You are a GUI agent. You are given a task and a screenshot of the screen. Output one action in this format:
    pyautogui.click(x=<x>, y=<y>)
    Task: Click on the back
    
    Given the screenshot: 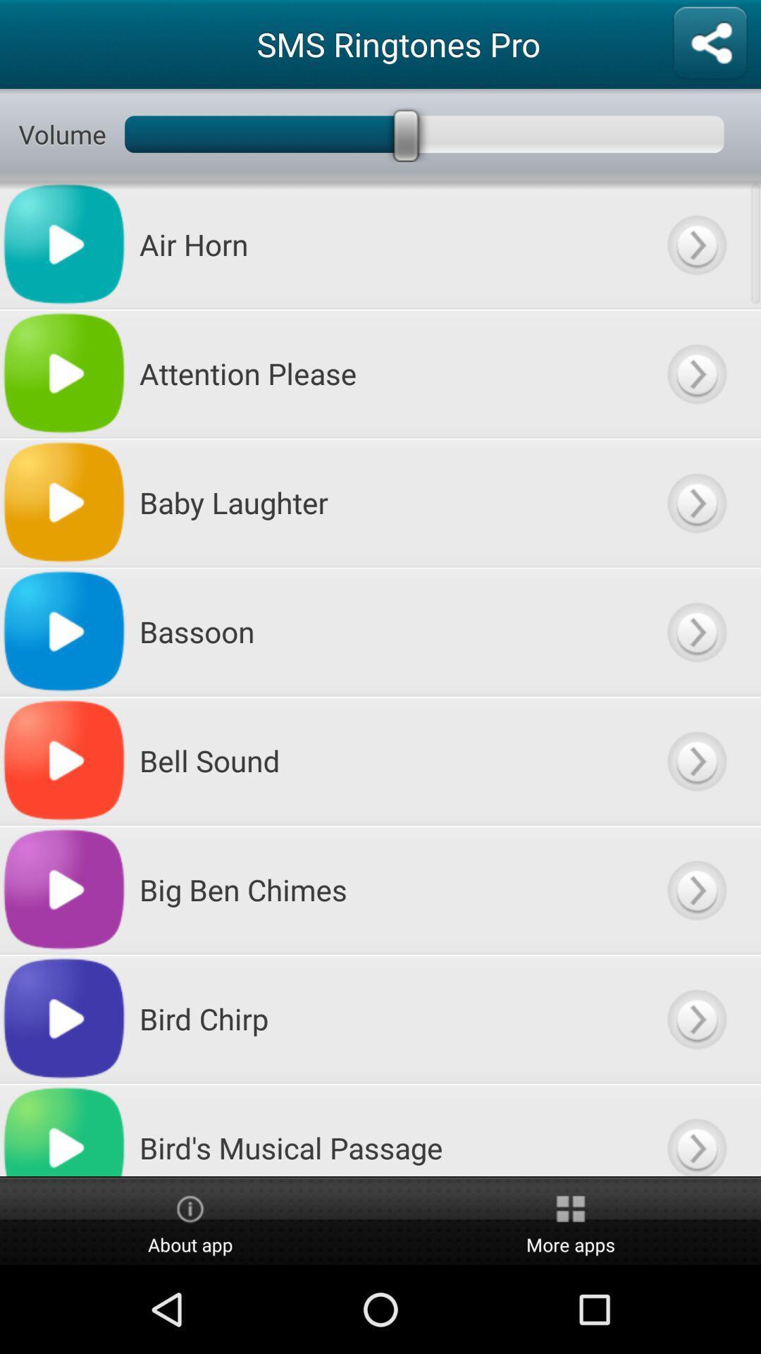 What is the action you would take?
    pyautogui.click(x=695, y=502)
    